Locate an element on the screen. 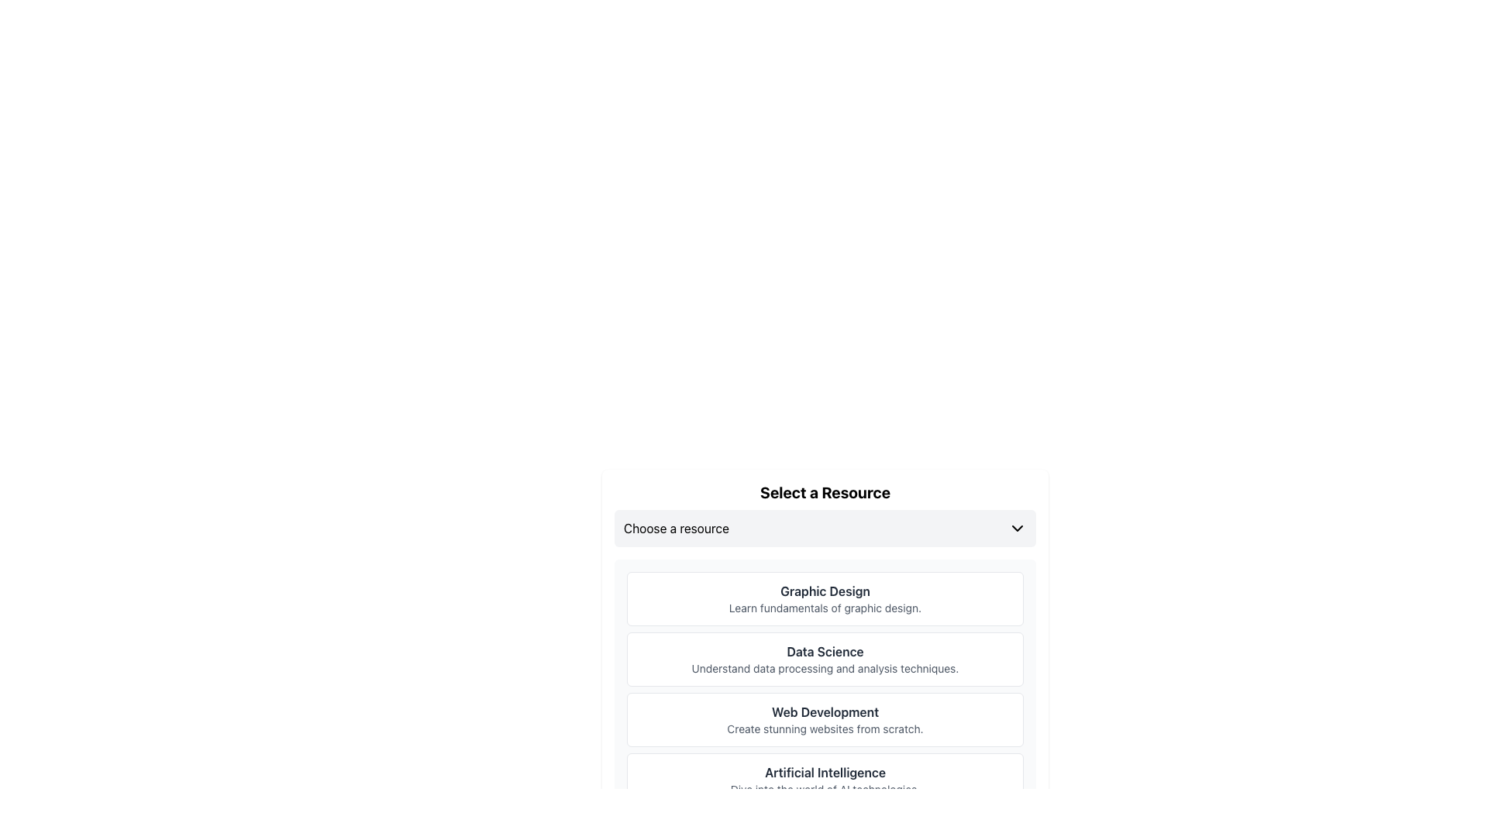  the fourth card titled 'Artificial Intelligence' in the vertical list under 'Select a Resource' is located at coordinates (825, 780).